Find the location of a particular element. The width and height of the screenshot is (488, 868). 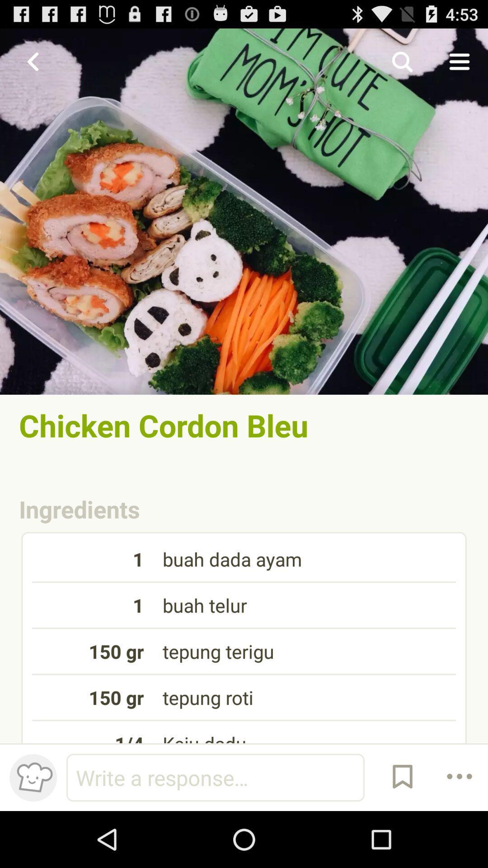

the icon at the top left corner is located at coordinates (33, 61).